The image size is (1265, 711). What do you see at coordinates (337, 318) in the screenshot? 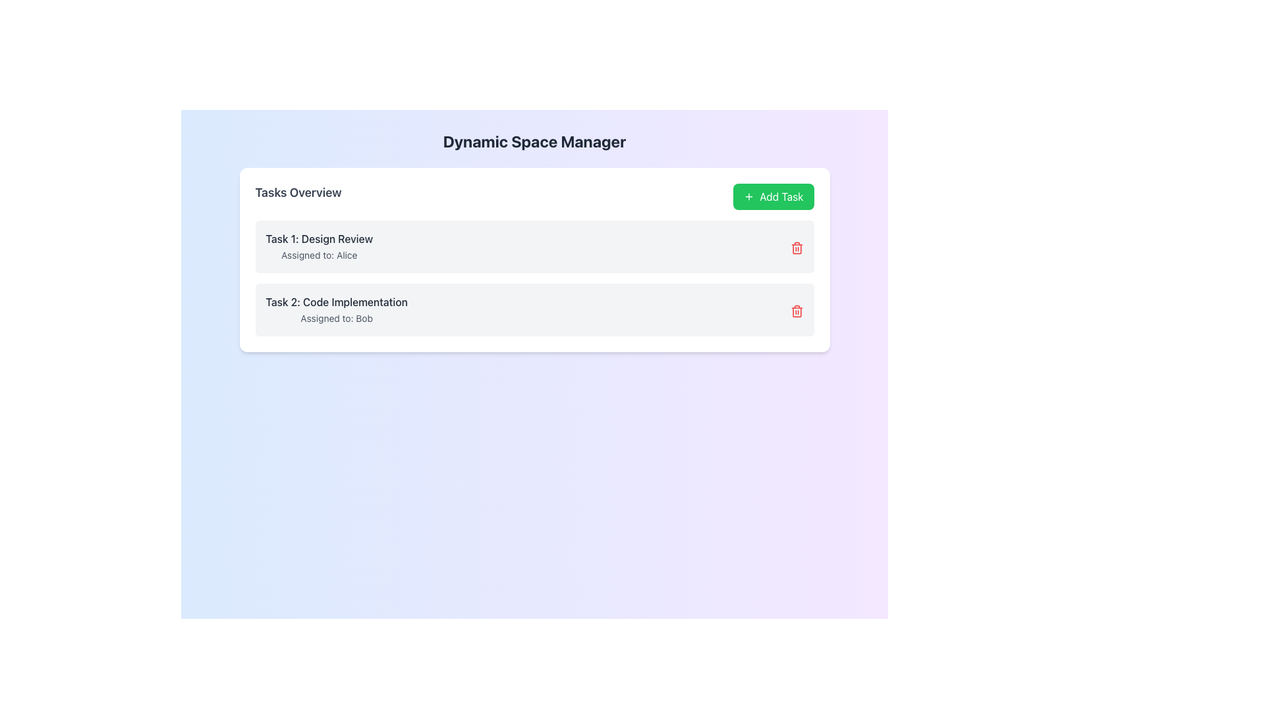
I see `the text label that reads 'Assigned to: Bob', which is styled in a smaller gray sans-serif font and positioned below the title 'Task 2: Code Implementation' in the second task card` at bounding box center [337, 318].